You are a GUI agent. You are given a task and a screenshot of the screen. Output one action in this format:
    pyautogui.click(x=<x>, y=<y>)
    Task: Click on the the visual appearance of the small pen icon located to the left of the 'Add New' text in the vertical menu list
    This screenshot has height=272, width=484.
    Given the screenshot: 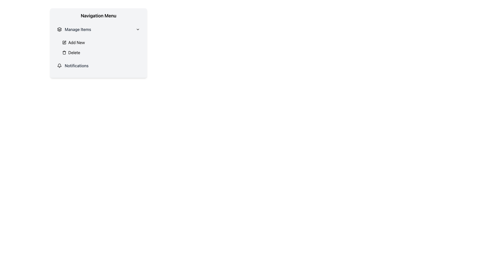 What is the action you would take?
    pyautogui.click(x=64, y=42)
    